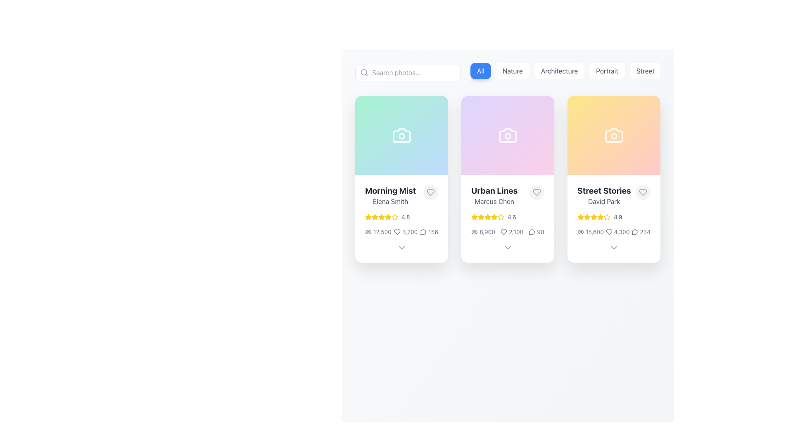  I want to click on the second star icon in the rating section of the 'Urban Lines' card by 'Marcus Chen', so click(481, 216).